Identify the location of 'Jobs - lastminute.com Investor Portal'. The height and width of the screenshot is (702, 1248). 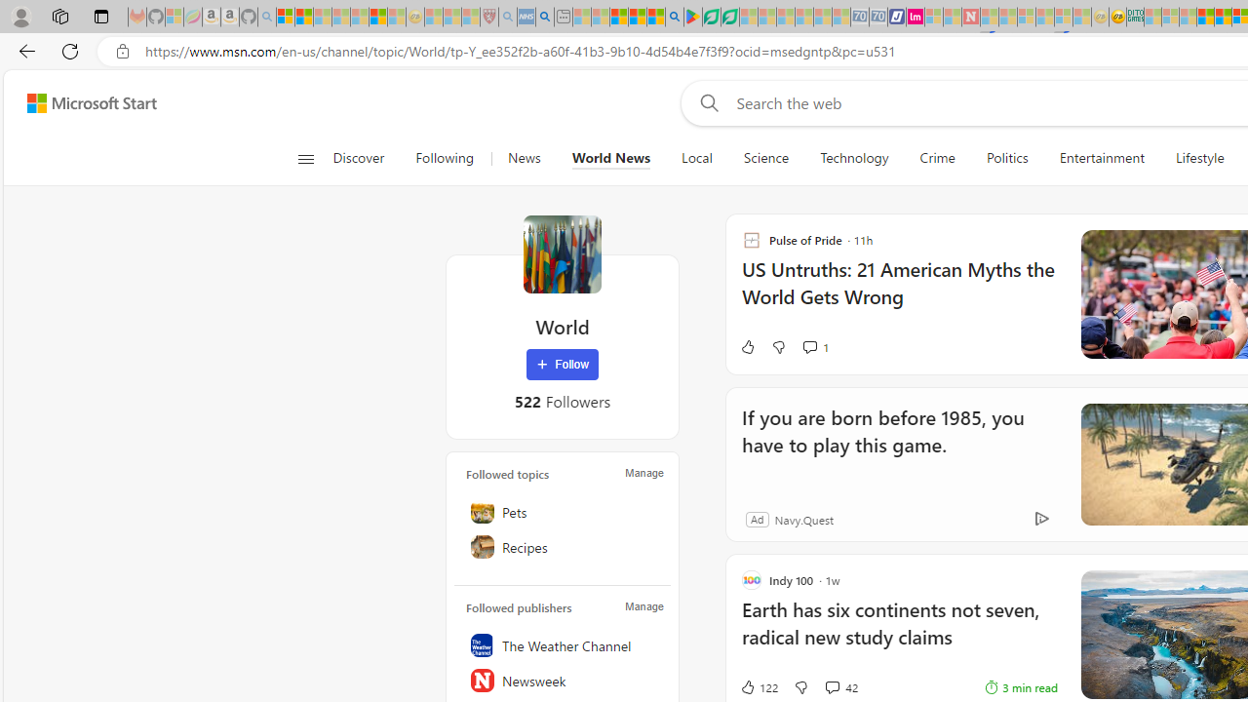
(915, 17).